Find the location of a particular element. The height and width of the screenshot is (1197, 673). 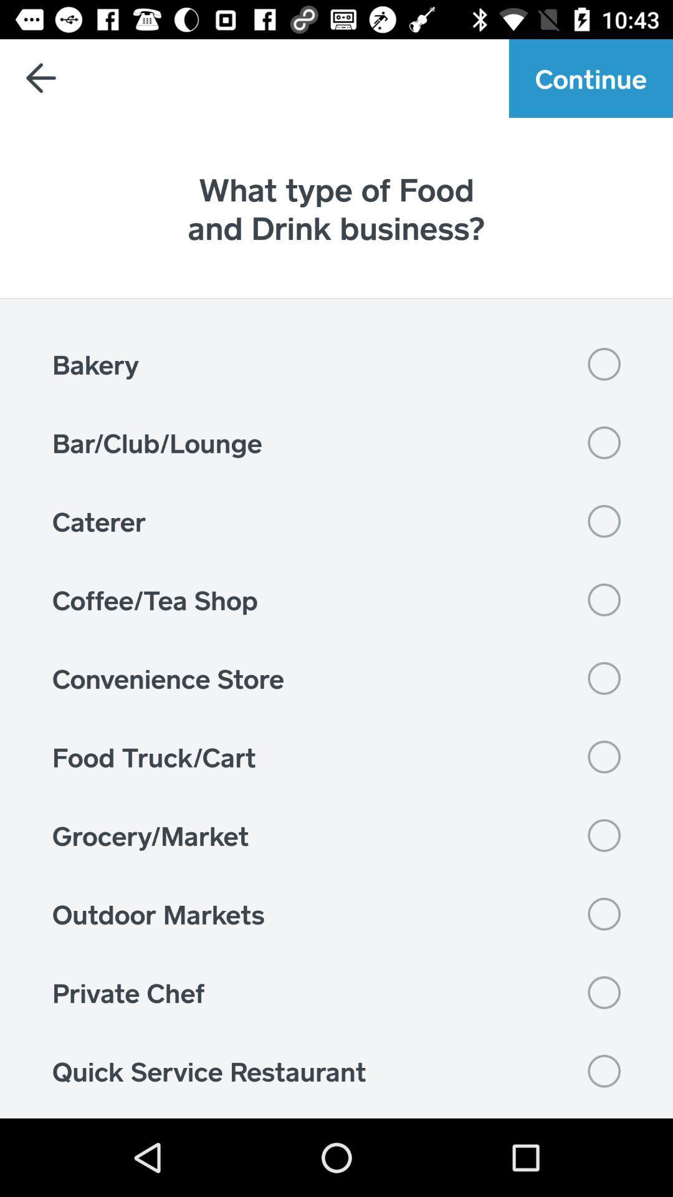

the item above the grocery/market is located at coordinates (336, 756).